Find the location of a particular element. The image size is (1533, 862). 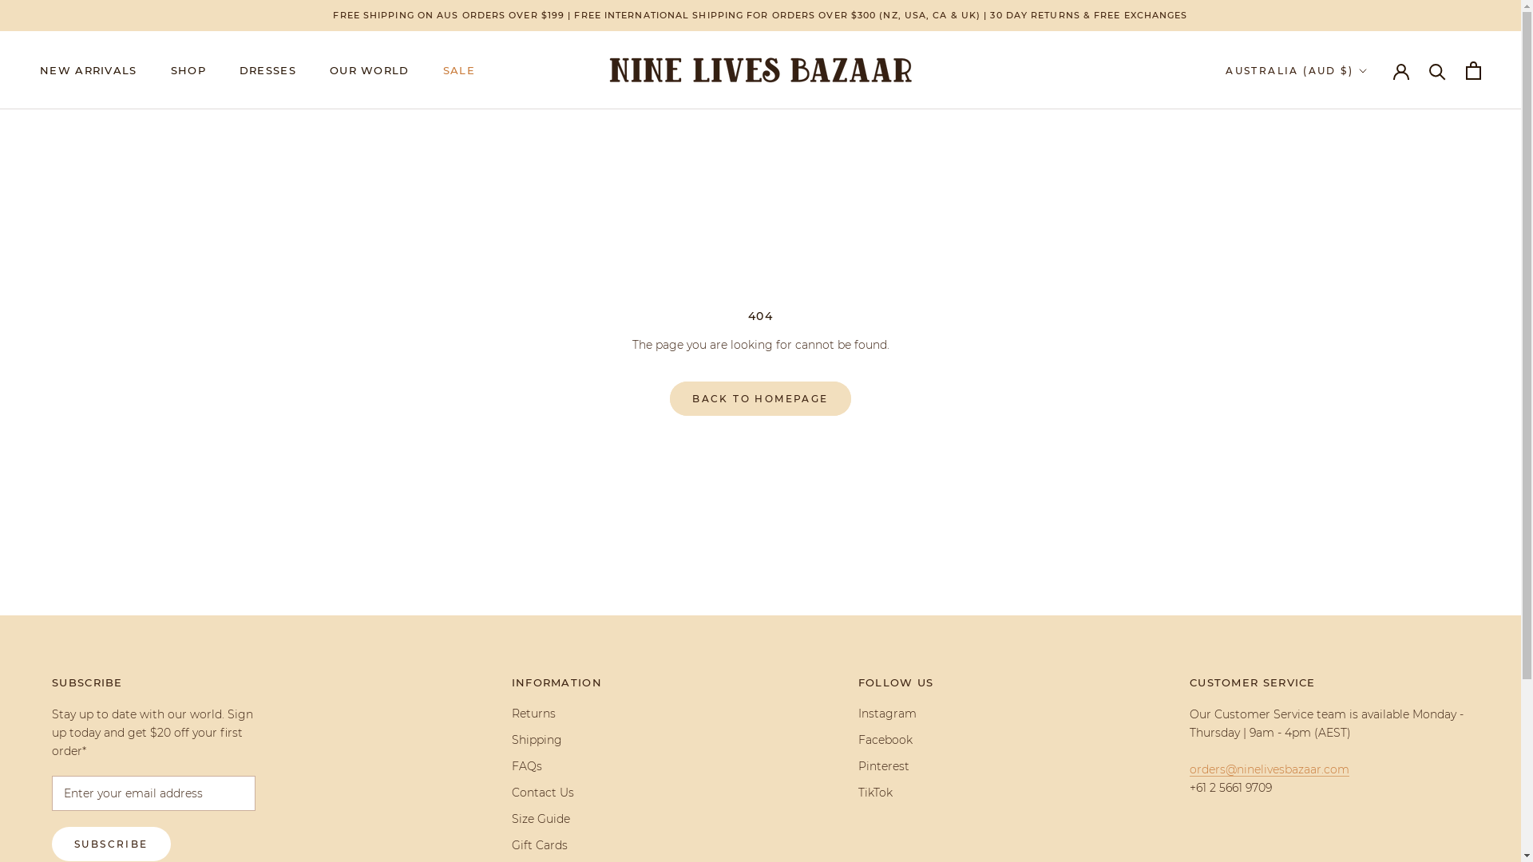

'Instagram' is located at coordinates (896, 713).